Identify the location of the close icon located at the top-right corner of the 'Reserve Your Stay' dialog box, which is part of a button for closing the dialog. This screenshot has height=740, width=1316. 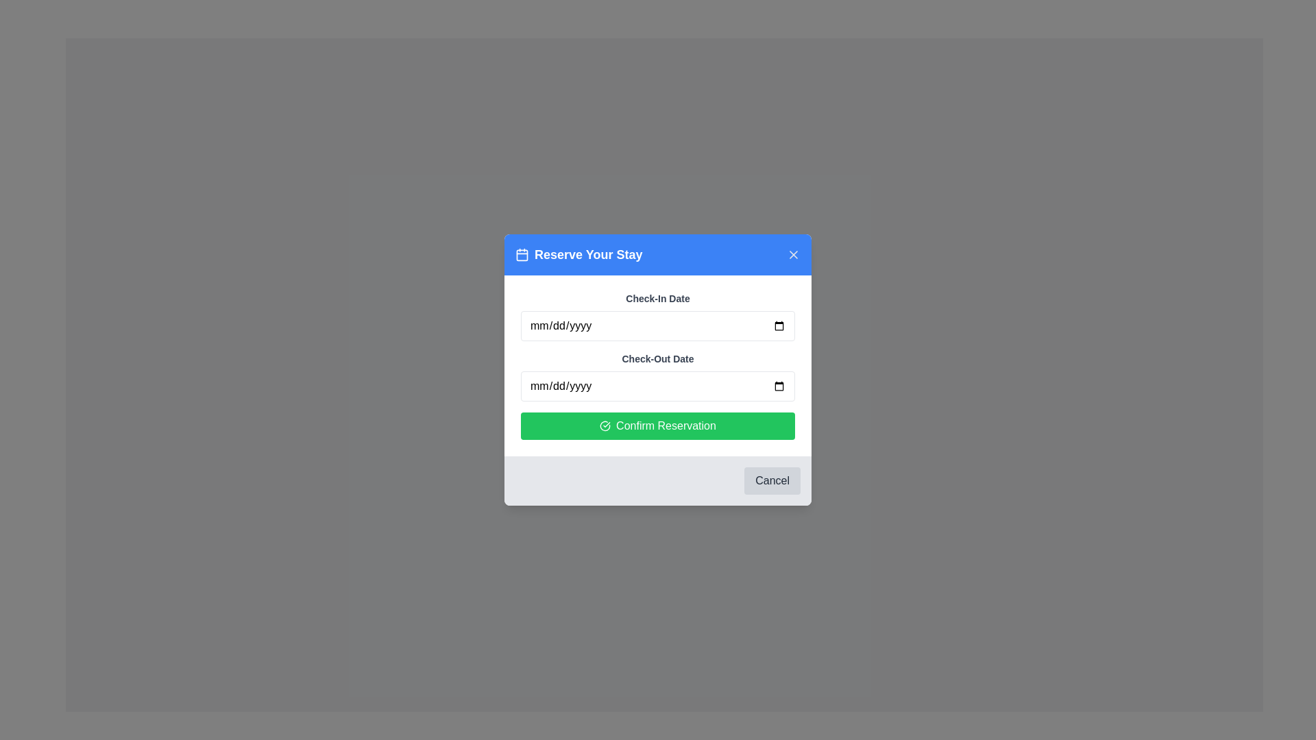
(793, 254).